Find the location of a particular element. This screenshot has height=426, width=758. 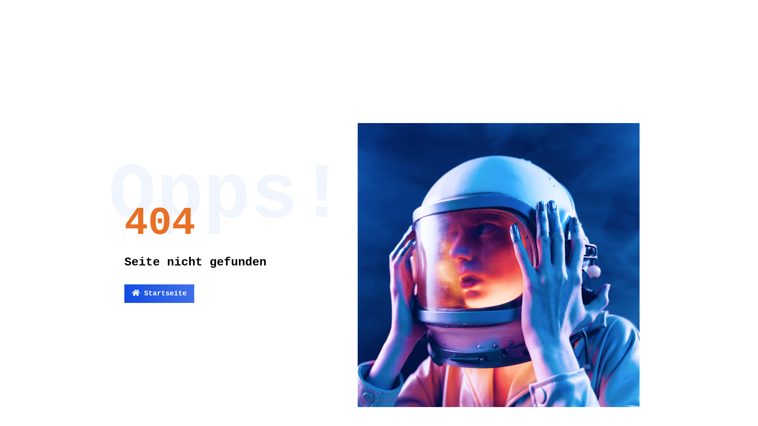

'Startseite' is located at coordinates (159, 293).